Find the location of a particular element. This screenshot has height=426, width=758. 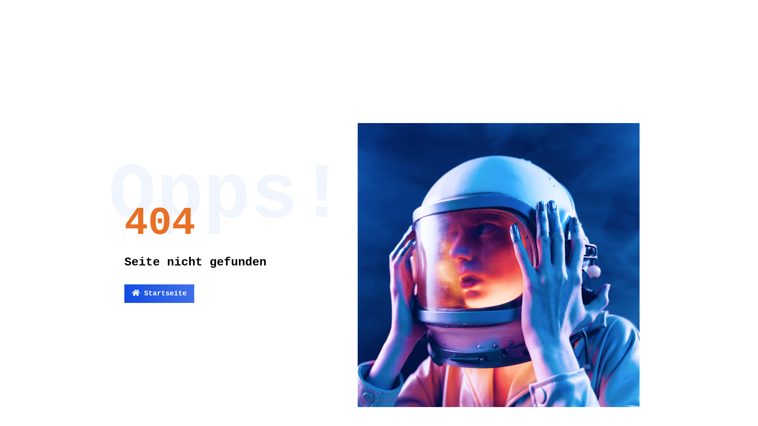

'Startseite' is located at coordinates (159, 293).